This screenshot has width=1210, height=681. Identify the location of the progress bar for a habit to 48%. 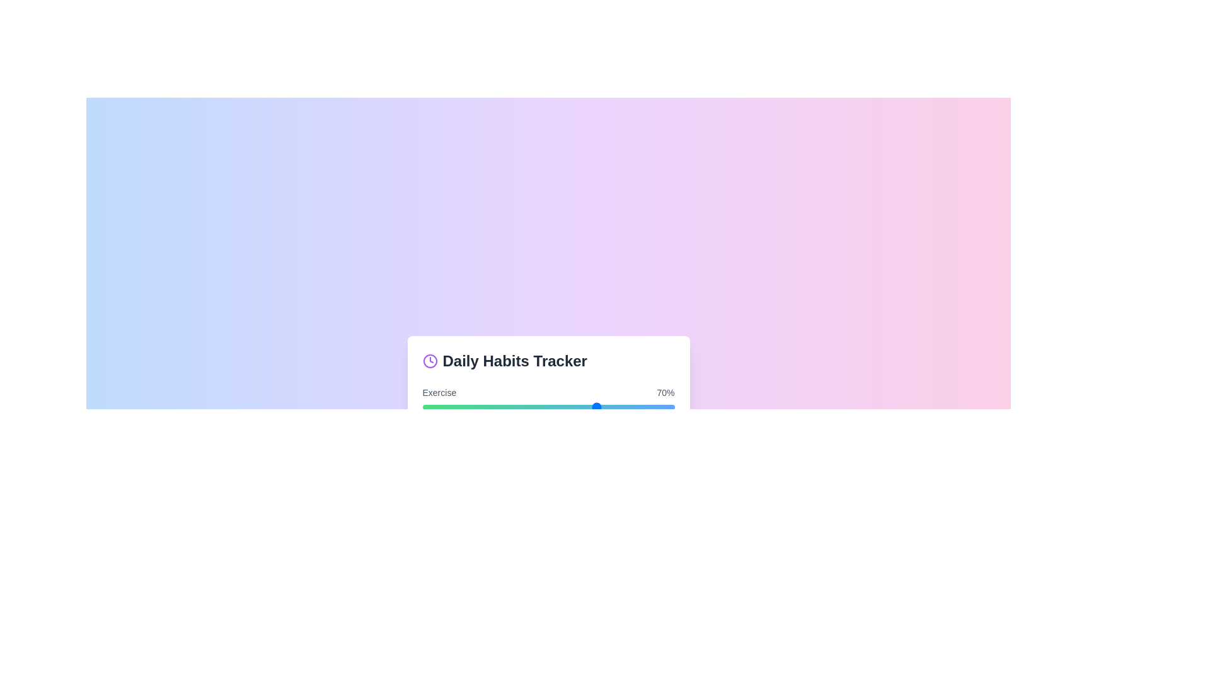
(543, 407).